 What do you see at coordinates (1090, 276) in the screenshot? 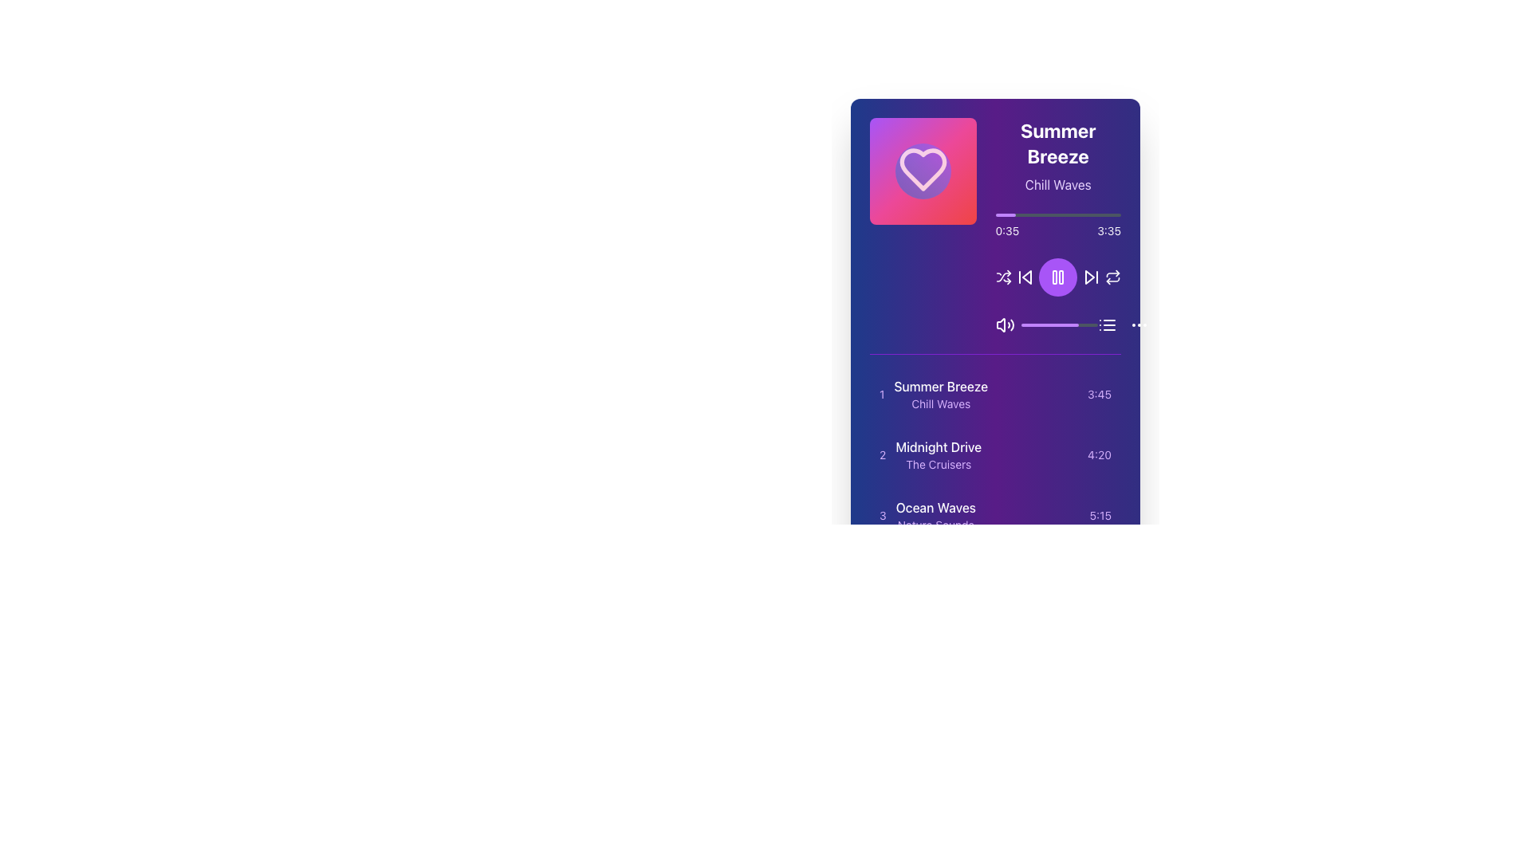
I see `the skip forward button, which is located between the play/pause button and the repeat button` at bounding box center [1090, 276].